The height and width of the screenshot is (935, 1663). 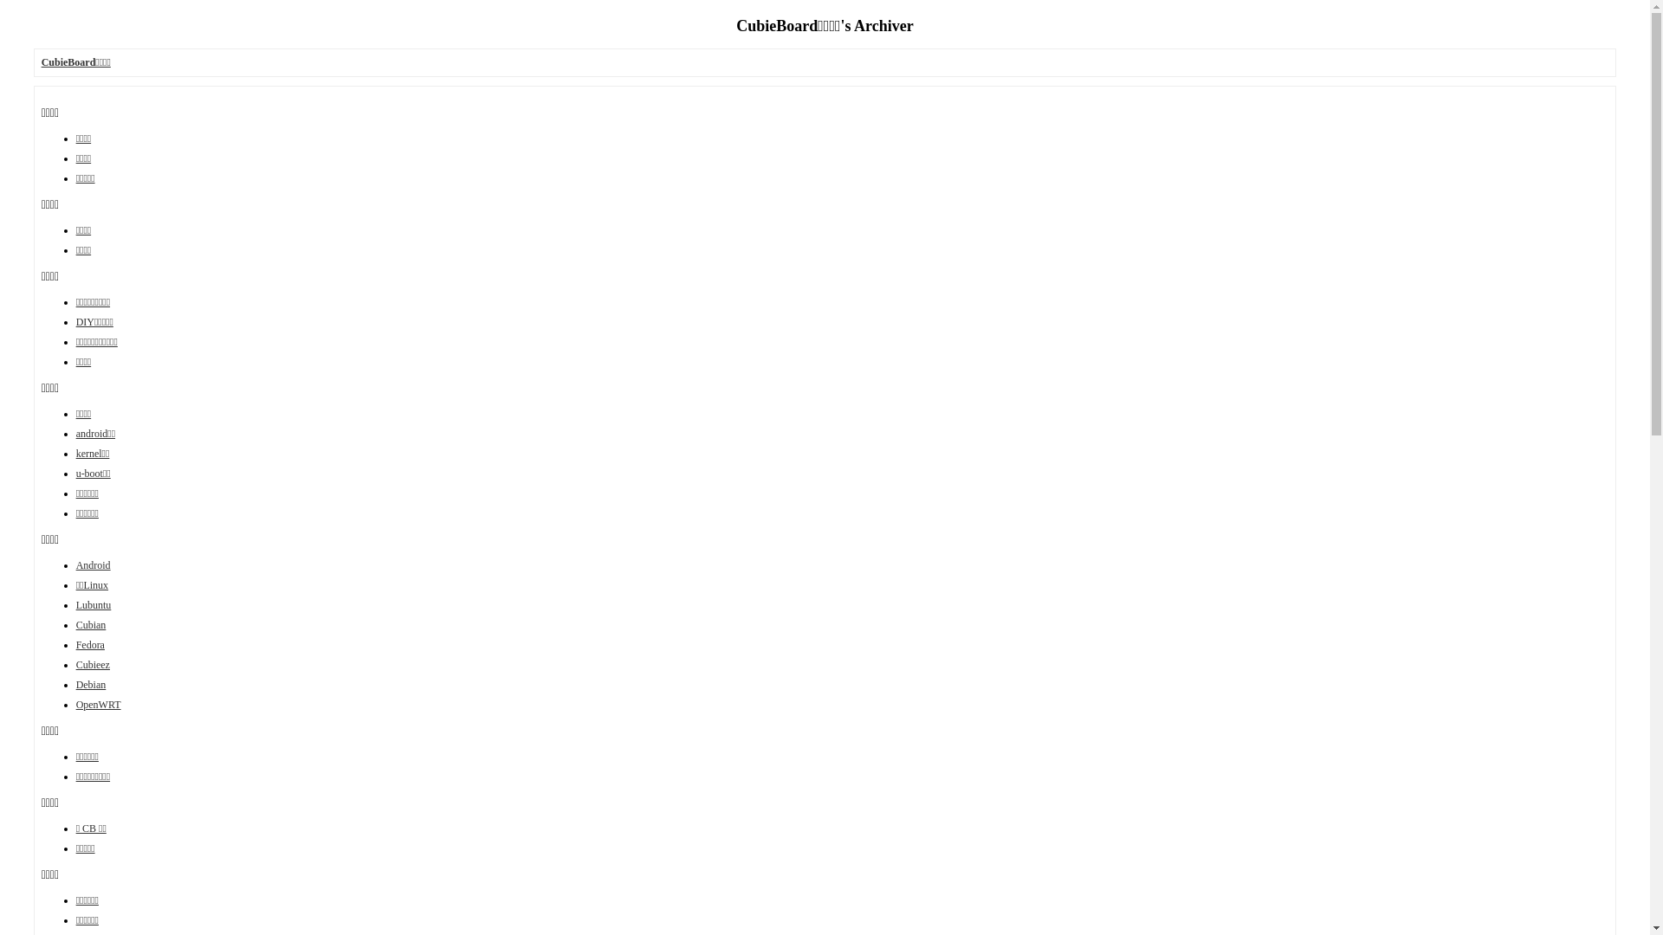 What do you see at coordinates (92, 663) in the screenshot?
I see `'Cubieez'` at bounding box center [92, 663].